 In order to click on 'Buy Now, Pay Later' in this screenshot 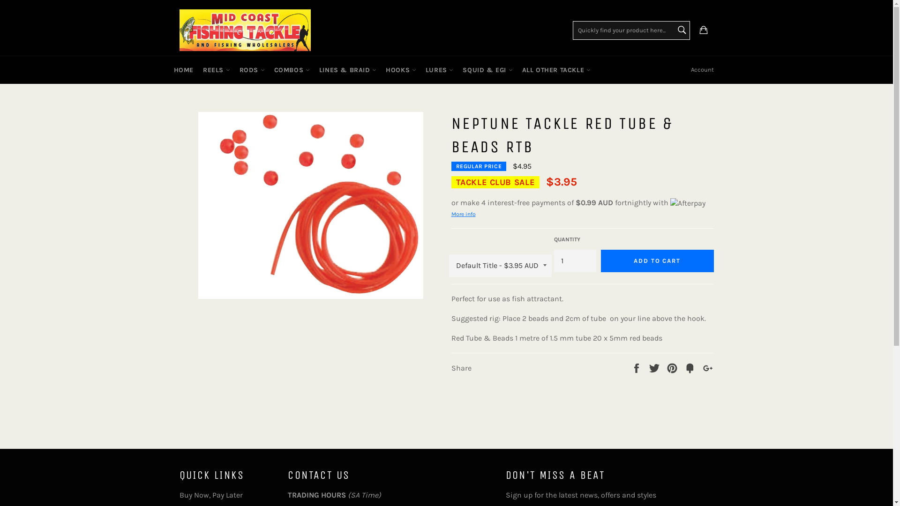, I will do `click(179, 494)`.